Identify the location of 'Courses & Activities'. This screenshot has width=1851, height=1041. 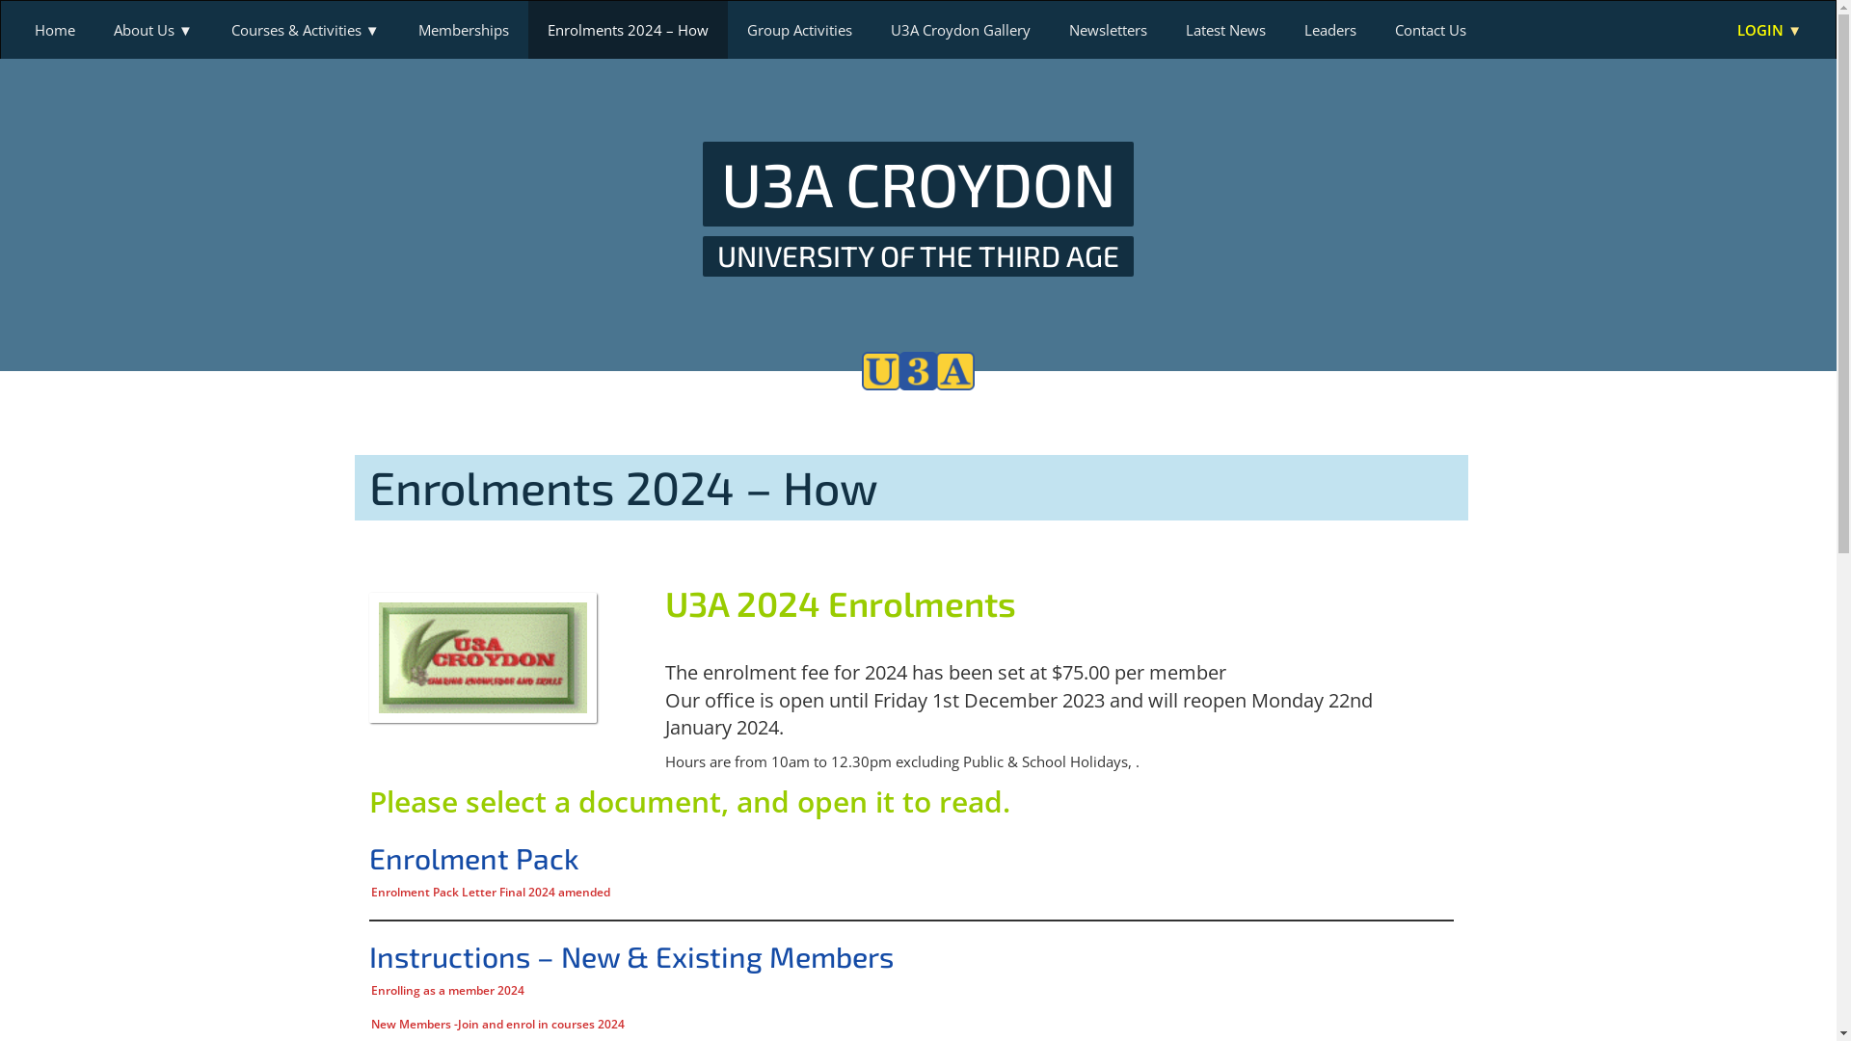
(304, 29).